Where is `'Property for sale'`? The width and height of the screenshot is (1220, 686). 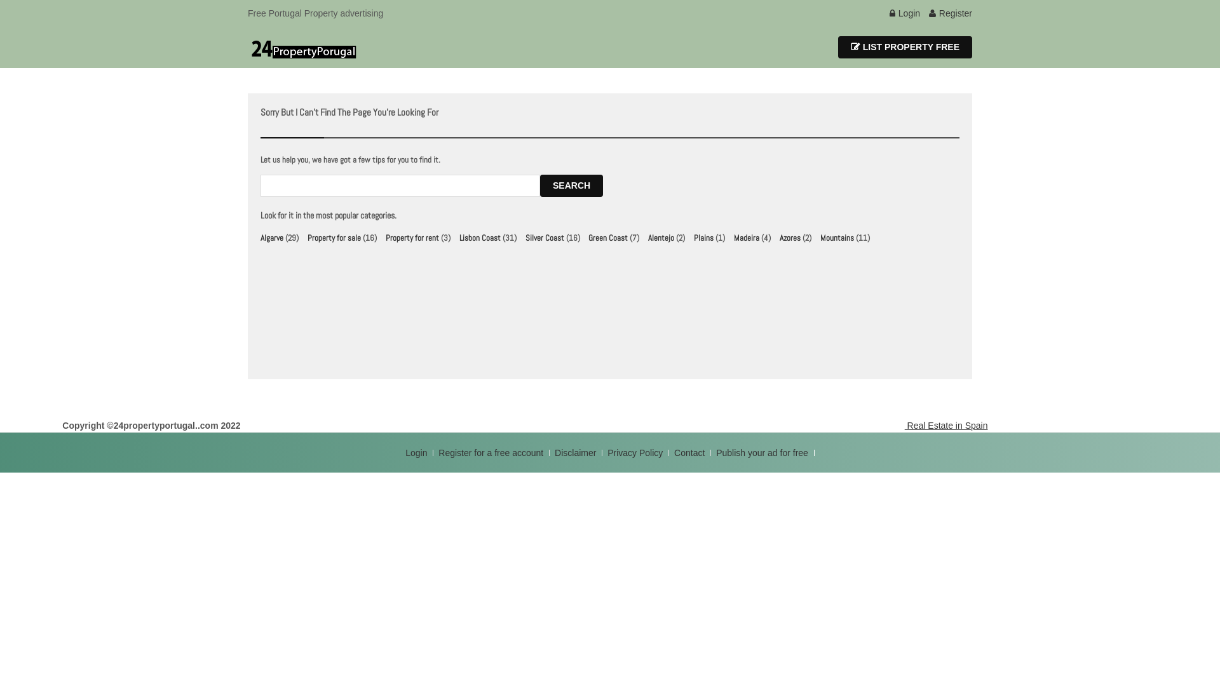
'Property for sale' is located at coordinates (334, 238).